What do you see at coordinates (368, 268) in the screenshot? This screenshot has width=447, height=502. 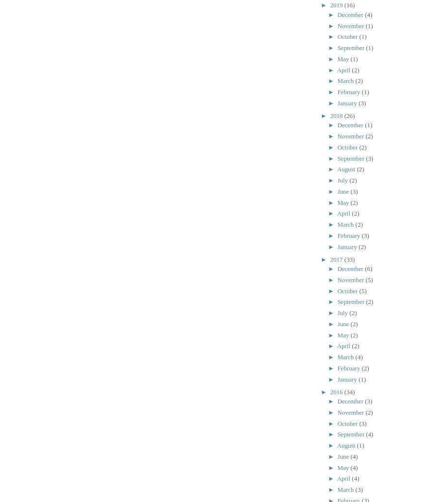 I see `'(6)'` at bounding box center [368, 268].